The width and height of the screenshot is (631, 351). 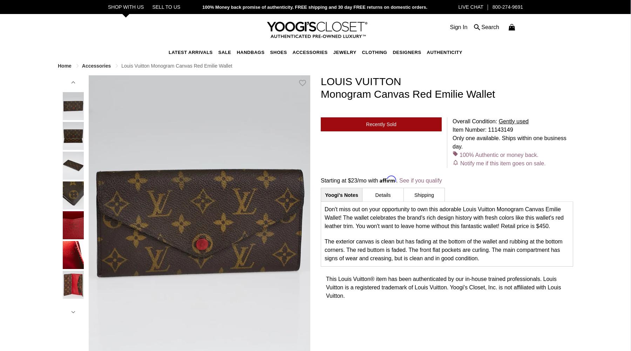 What do you see at coordinates (341, 195) in the screenshot?
I see `'Yoogi's Notes'` at bounding box center [341, 195].